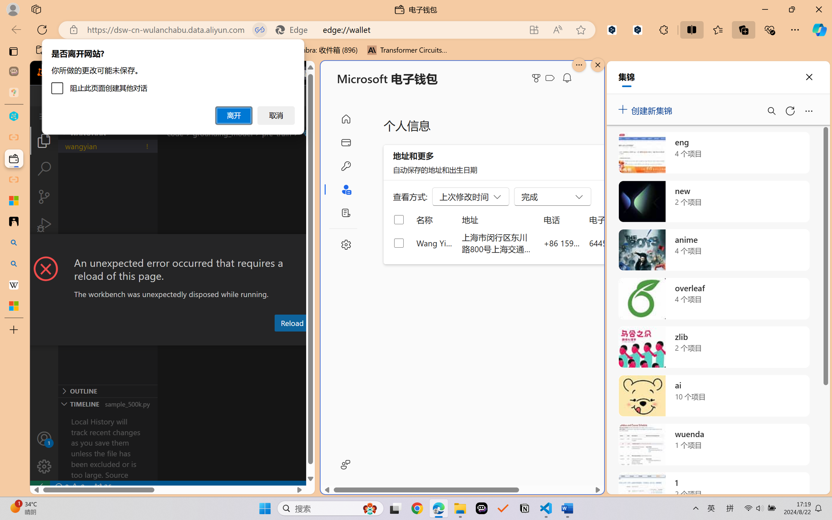  Describe the element at coordinates (185, 339) in the screenshot. I see `'Problems (Ctrl+Shift+M)'` at that location.